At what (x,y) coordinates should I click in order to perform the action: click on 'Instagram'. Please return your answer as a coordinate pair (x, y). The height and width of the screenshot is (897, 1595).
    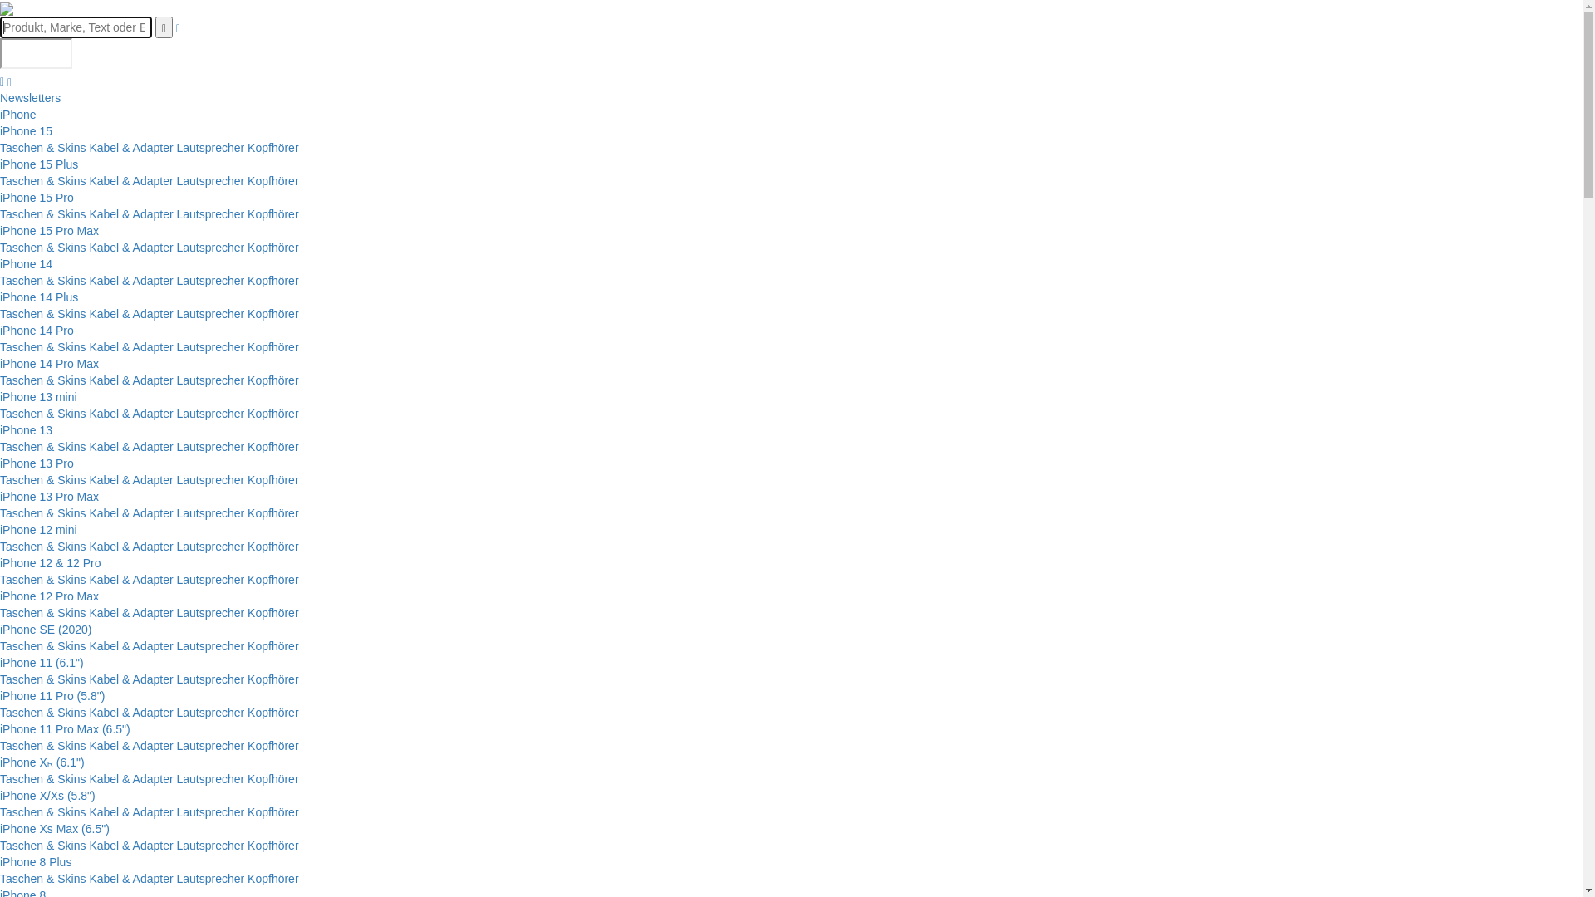
    Looking at the image, I should click on (2, 81).